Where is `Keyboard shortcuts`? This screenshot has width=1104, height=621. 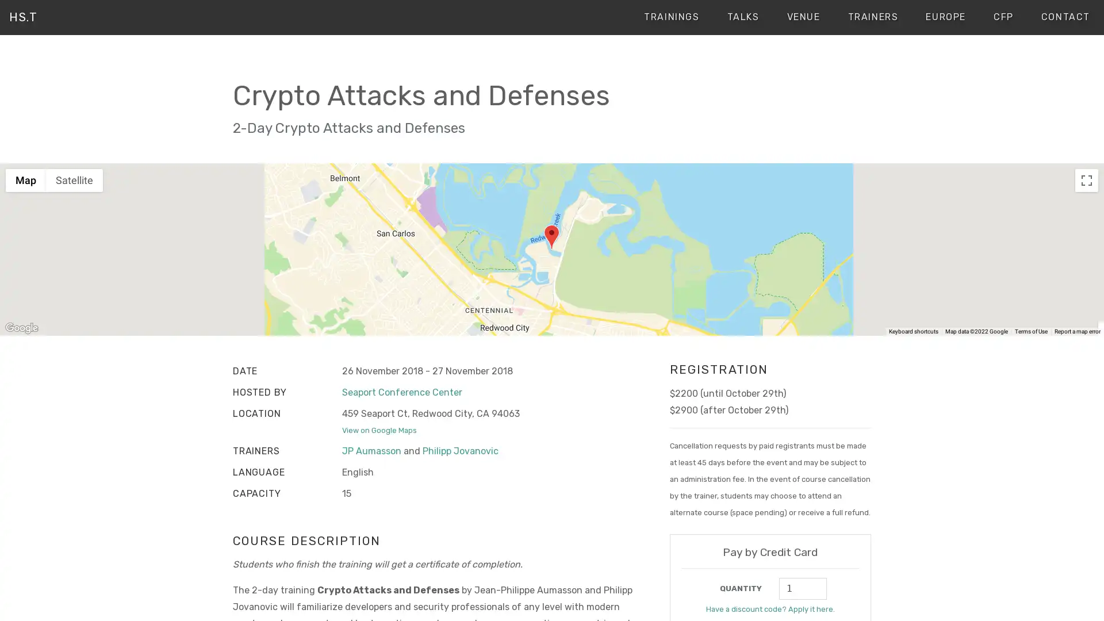 Keyboard shortcuts is located at coordinates (913, 332).